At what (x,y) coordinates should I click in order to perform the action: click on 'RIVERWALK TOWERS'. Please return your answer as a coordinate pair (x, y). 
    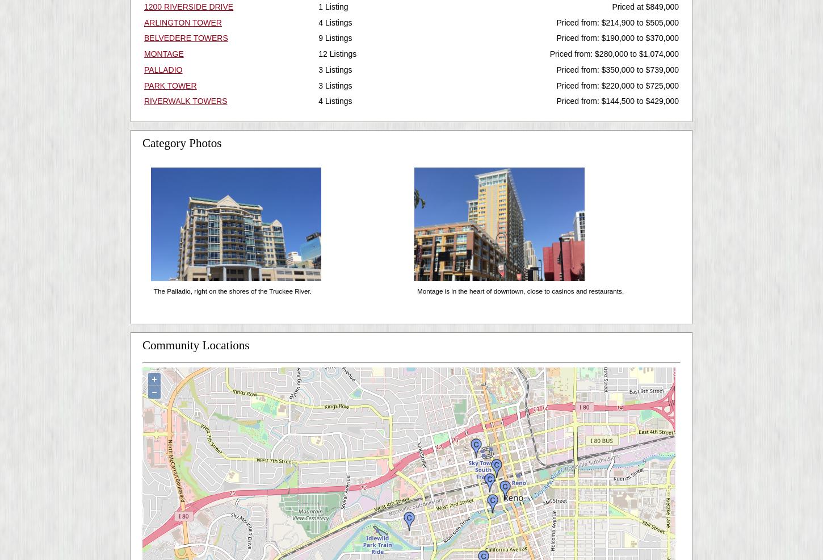
    Looking at the image, I should click on (144, 100).